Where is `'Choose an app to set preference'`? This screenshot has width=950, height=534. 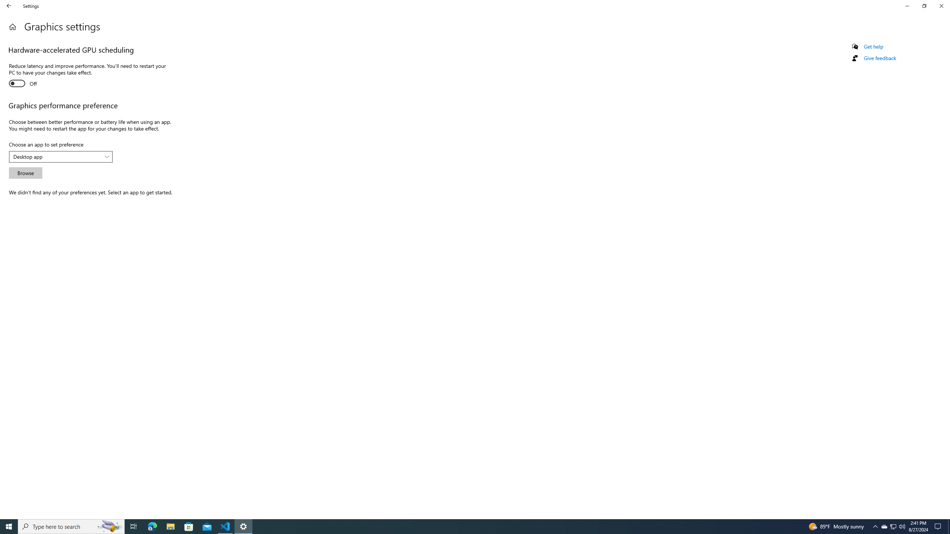
'Choose an app to set preference' is located at coordinates (60, 156).